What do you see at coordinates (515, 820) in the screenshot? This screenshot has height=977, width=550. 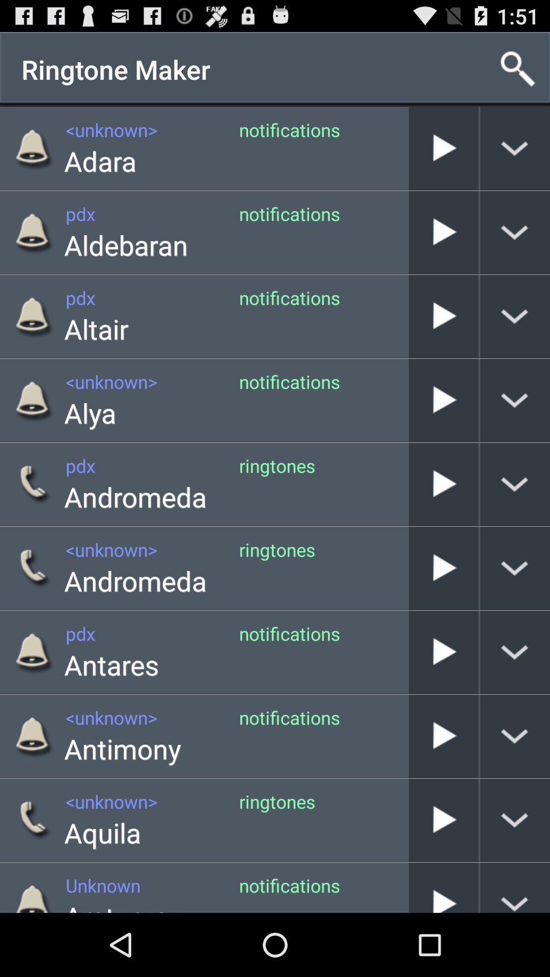 I see `show more information` at bounding box center [515, 820].